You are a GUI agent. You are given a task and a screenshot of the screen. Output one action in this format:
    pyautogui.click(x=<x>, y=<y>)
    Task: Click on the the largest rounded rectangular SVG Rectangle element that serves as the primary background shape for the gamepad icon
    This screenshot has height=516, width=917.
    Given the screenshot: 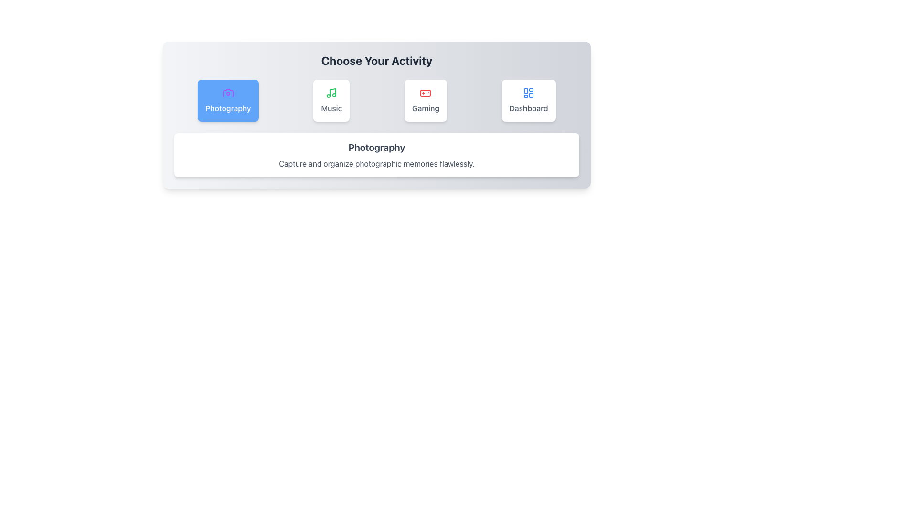 What is the action you would take?
    pyautogui.click(x=425, y=93)
    